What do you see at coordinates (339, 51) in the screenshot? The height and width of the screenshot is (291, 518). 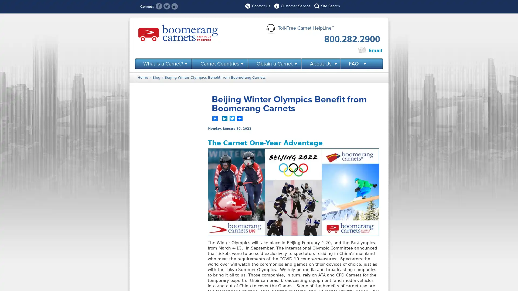 I see `Click to Chat` at bounding box center [339, 51].